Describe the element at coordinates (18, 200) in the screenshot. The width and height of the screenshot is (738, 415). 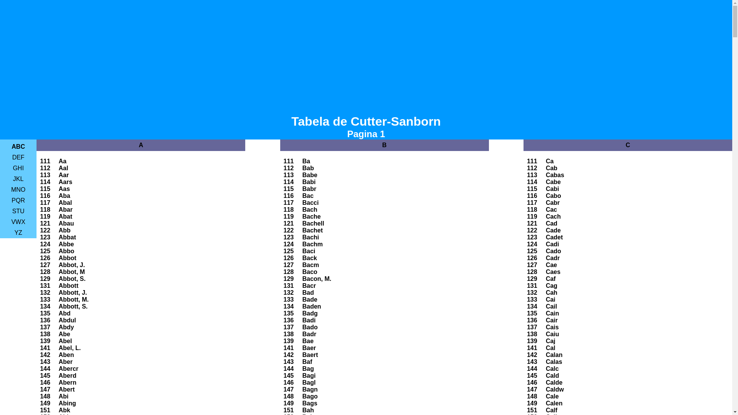
I see `'PQR'` at that location.